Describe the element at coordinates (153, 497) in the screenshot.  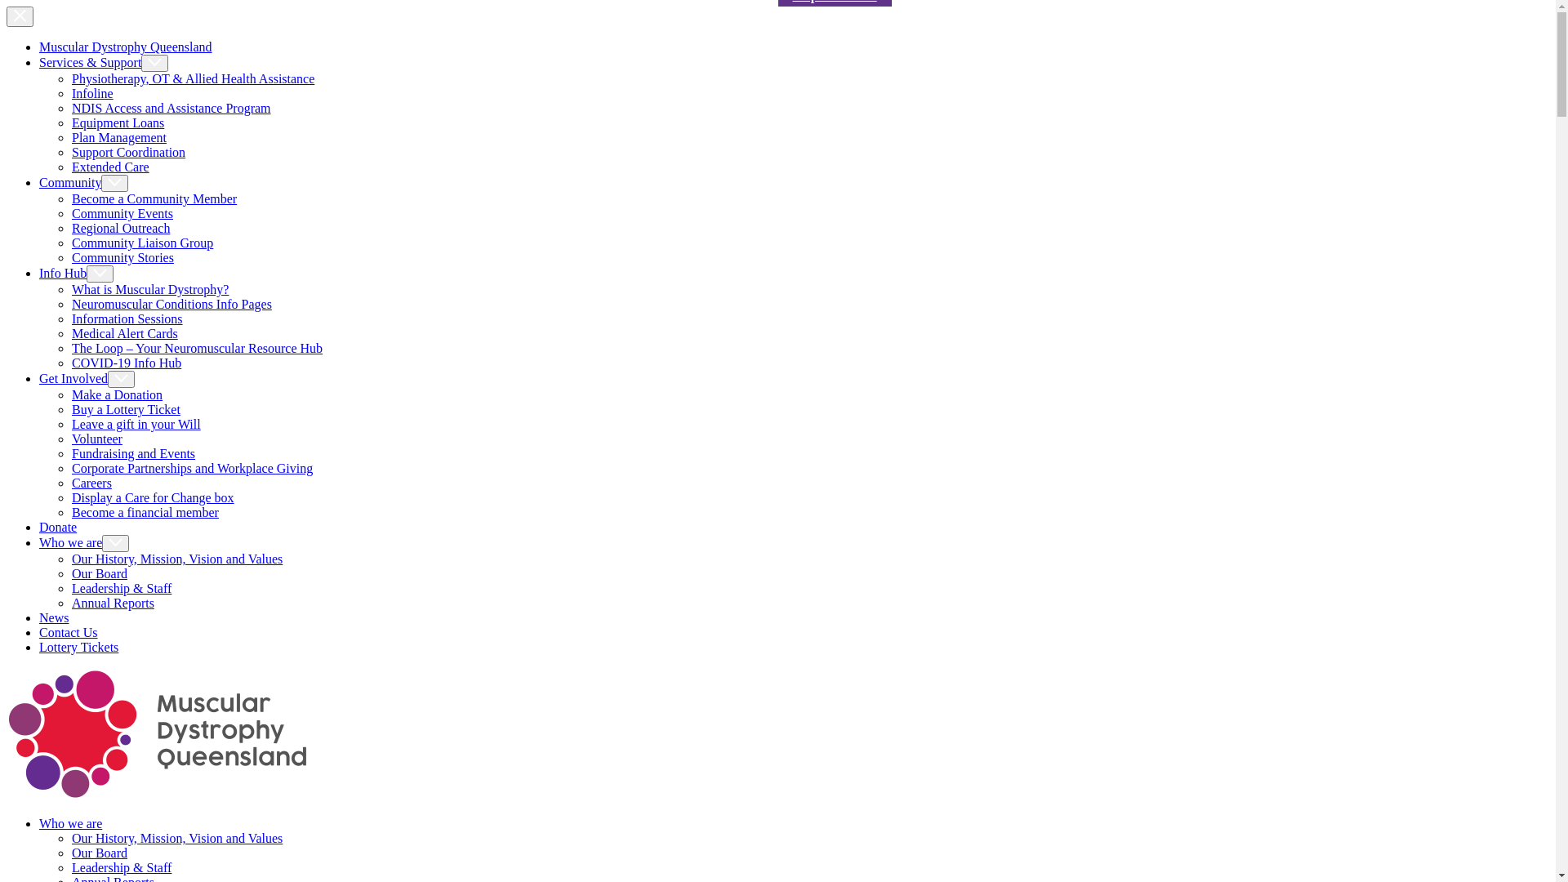
I see `'Display a Care for Change box'` at that location.